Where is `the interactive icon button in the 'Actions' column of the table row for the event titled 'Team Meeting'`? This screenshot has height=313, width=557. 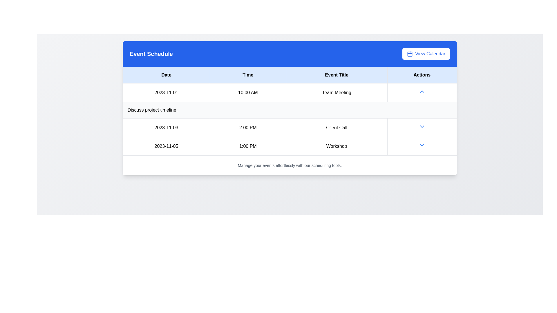 the interactive icon button in the 'Actions' column of the table row for the event titled 'Team Meeting' is located at coordinates (422, 92).